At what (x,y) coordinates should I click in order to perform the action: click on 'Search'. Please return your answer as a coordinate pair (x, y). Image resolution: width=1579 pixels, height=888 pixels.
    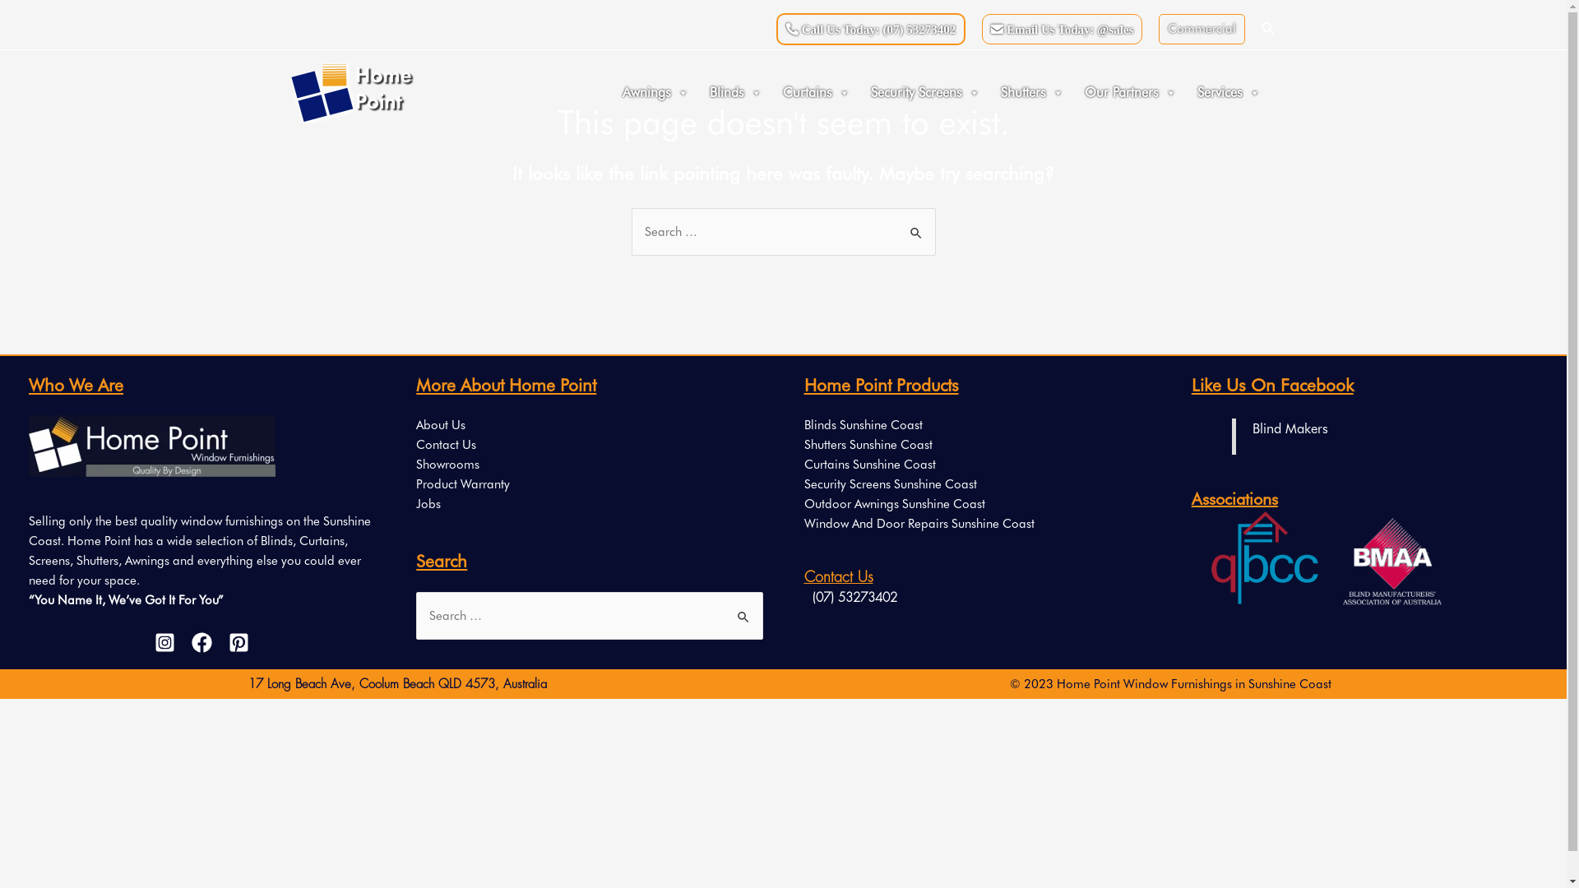
    Looking at the image, I should click on (915, 224).